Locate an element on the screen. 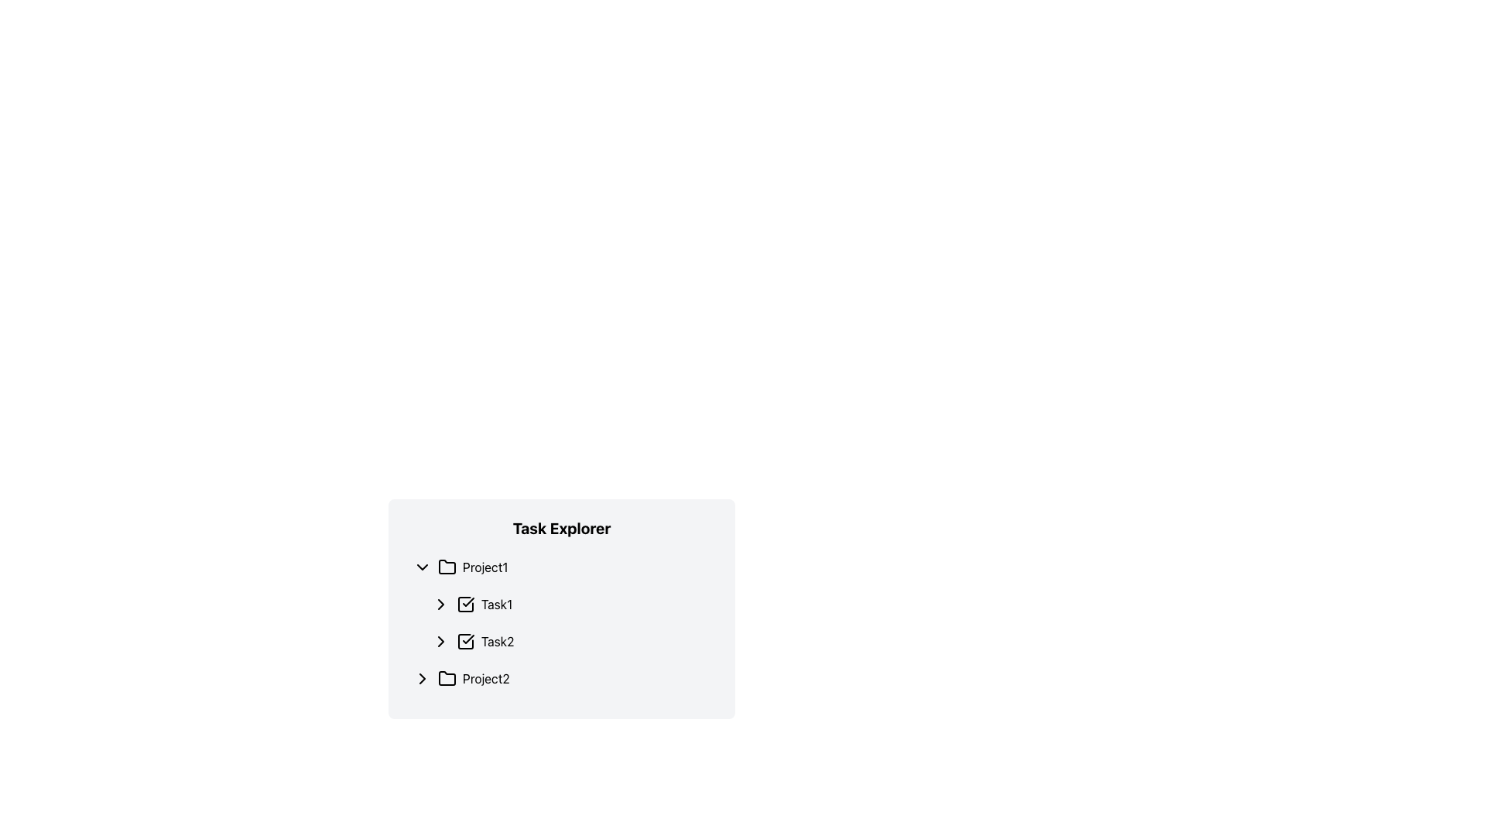  the Chevron Icon located to the left of the 'Task1' text label in the Task Explorer interface is located at coordinates (440, 603).